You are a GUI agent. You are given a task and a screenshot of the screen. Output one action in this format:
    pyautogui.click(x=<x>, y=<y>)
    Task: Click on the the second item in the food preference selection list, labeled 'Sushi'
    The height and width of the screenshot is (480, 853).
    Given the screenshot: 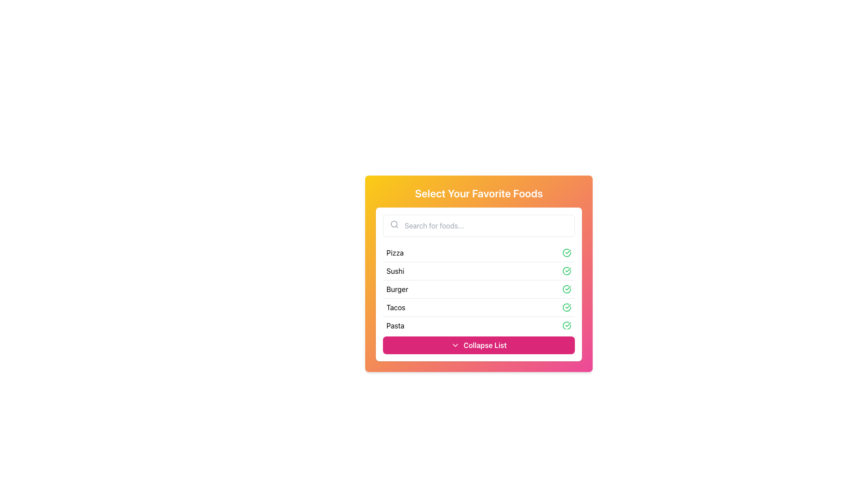 What is the action you would take?
    pyautogui.click(x=478, y=271)
    